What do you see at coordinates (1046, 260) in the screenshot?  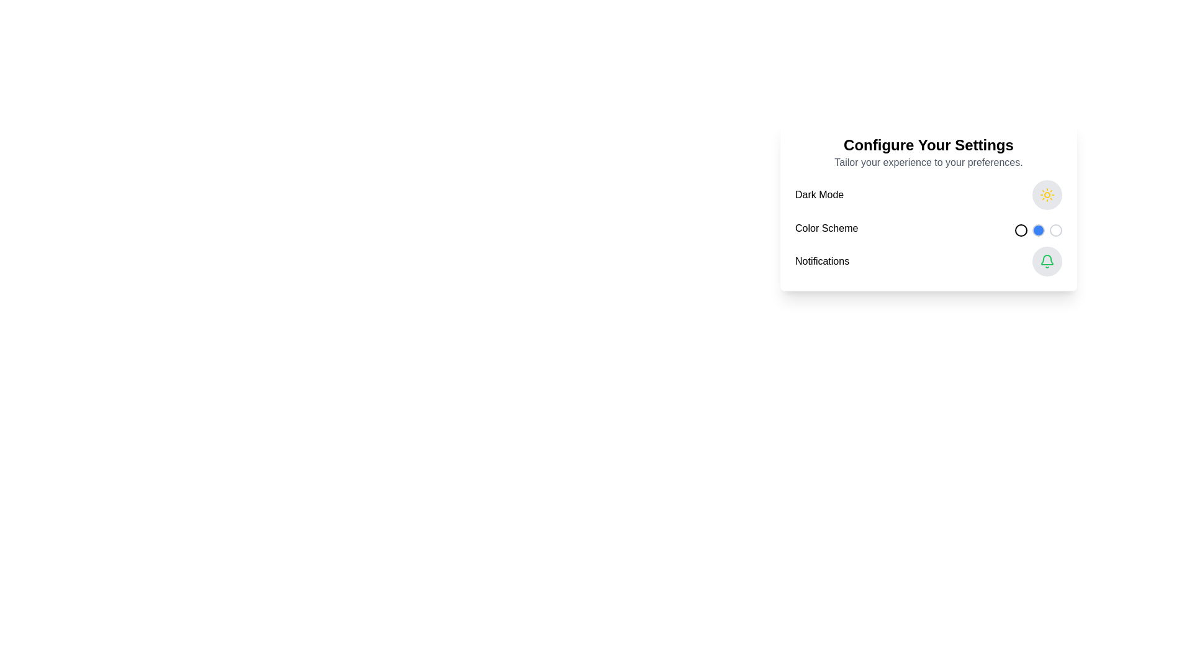 I see `the circular gray button with a green bell icon in the top-right corner of the 'Notifications' section` at bounding box center [1046, 260].